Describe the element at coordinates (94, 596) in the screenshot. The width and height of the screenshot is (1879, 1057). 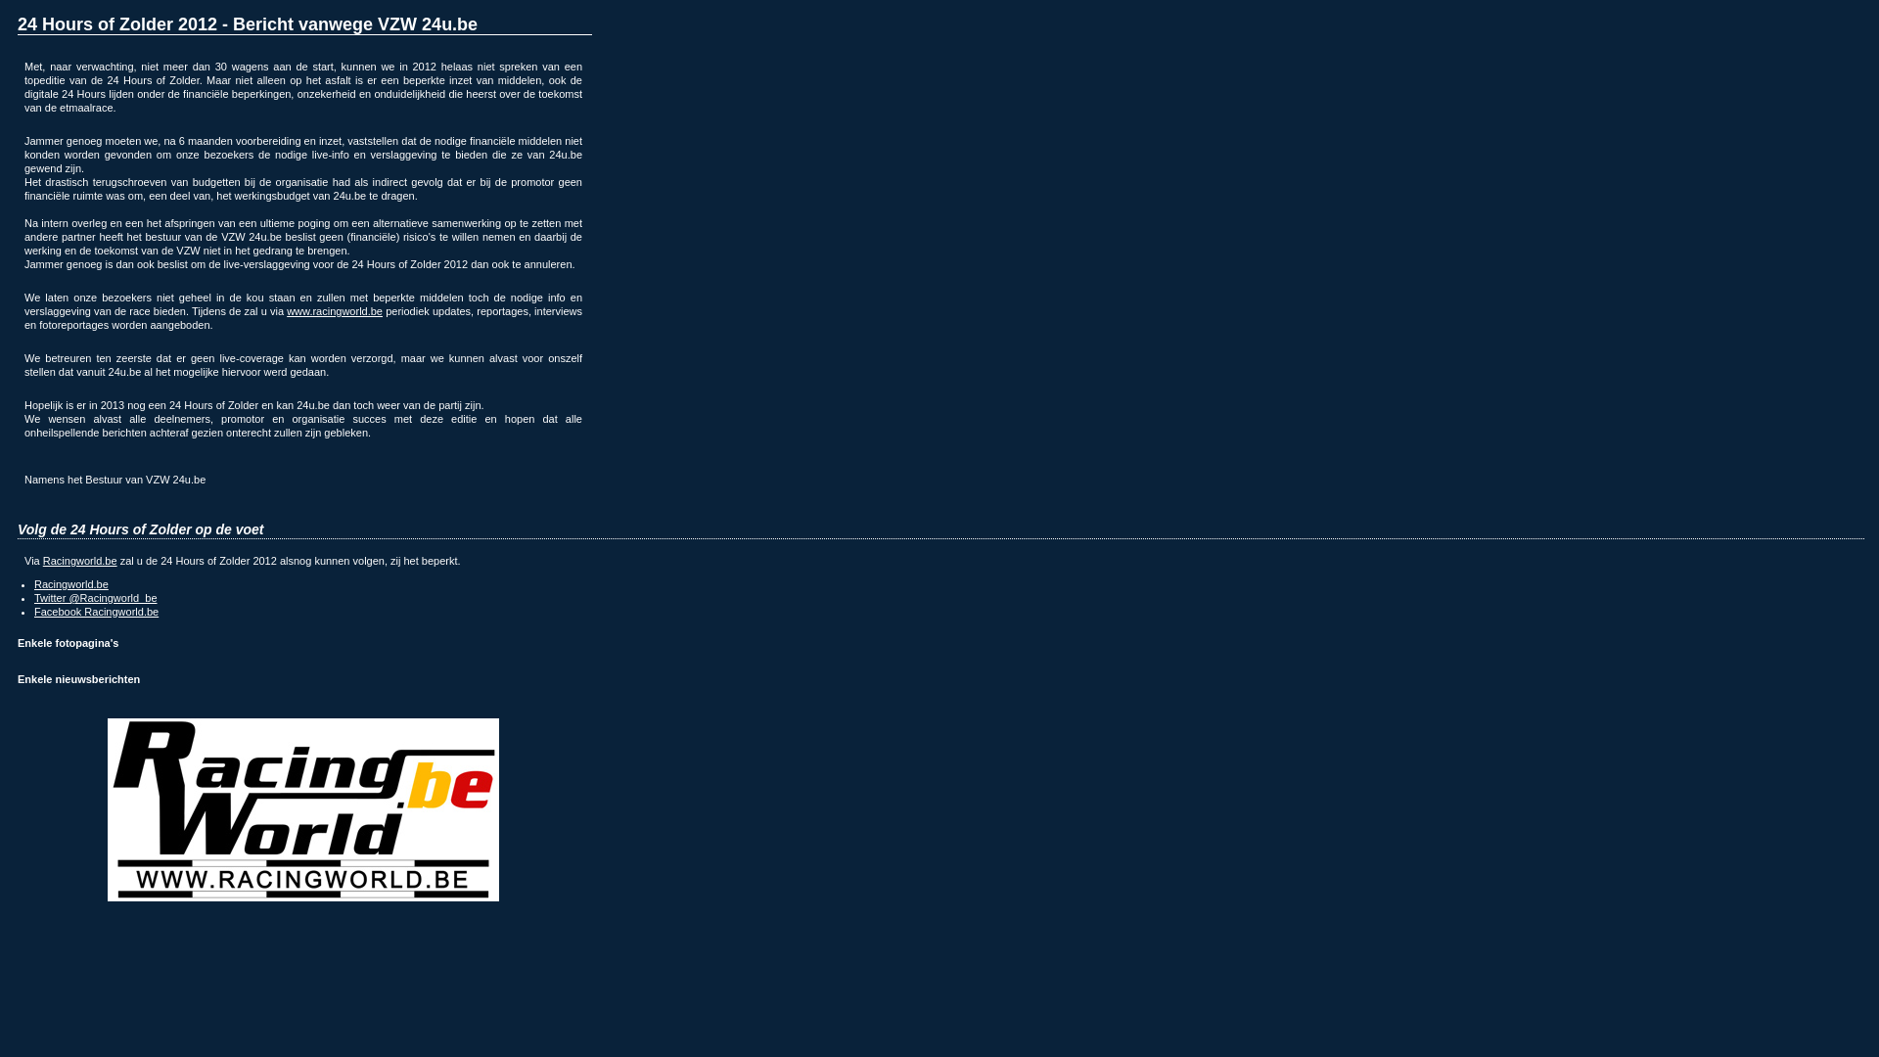
I see `'Twitter @Racingworld_be'` at that location.